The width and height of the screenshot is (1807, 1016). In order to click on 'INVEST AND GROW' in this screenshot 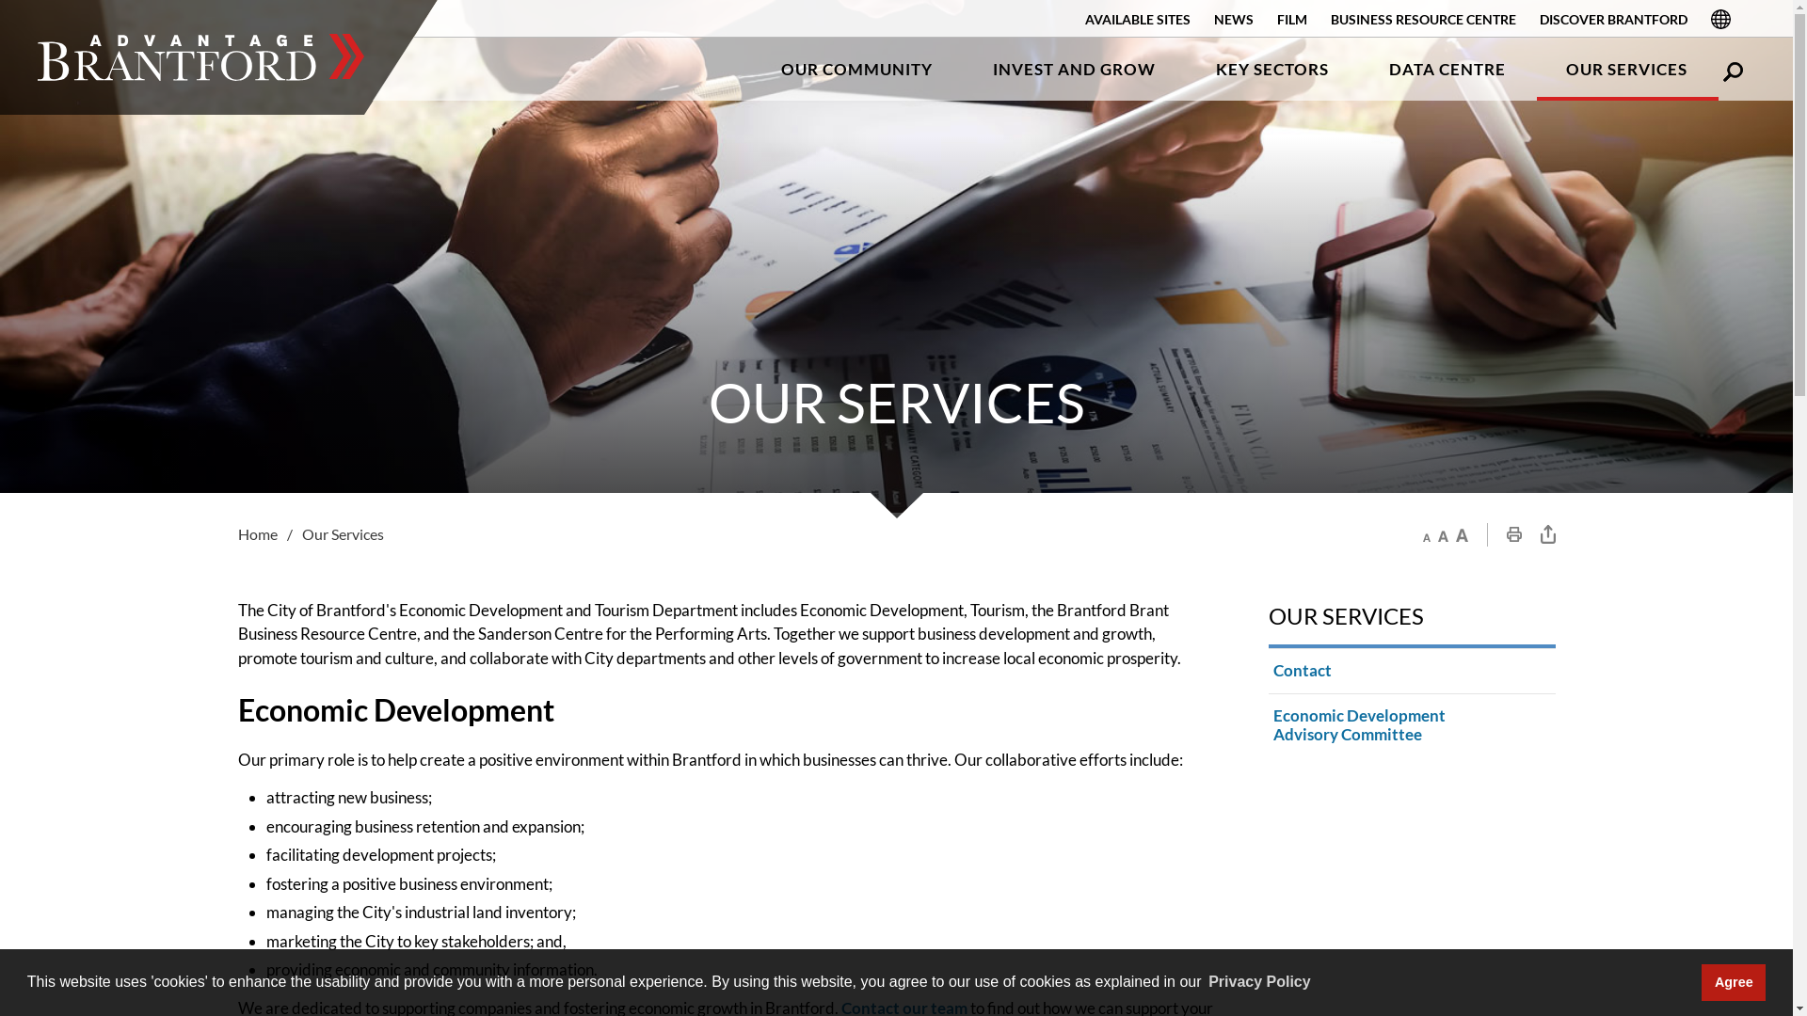, I will do `click(1074, 68)`.